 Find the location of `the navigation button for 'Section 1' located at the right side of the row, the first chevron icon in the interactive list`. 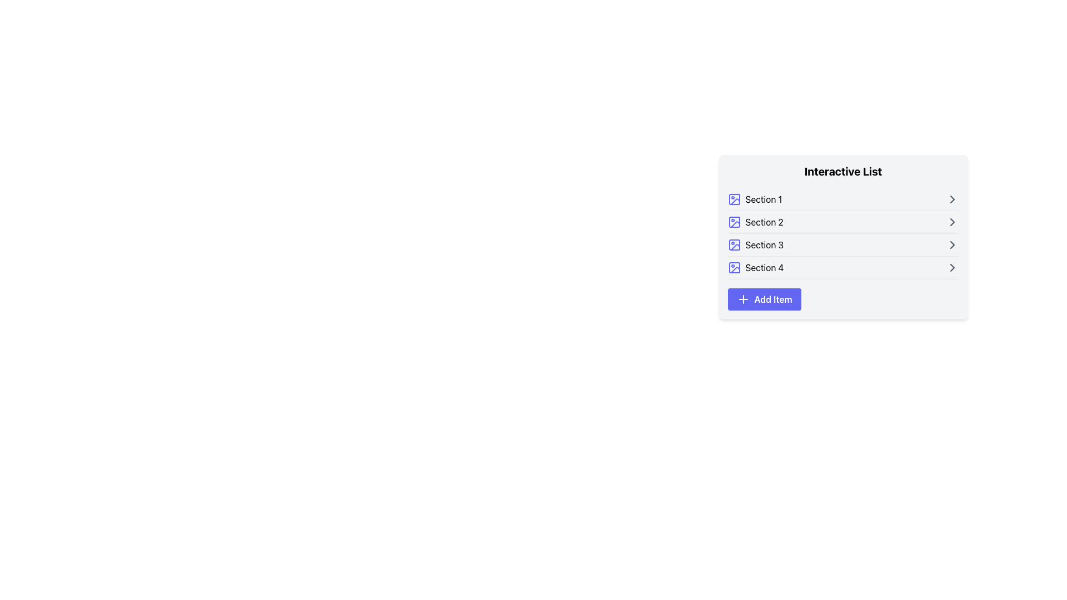

the navigation button for 'Section 1' located at the right side of the row, the first chevron icon in the interactive list is located at coordinates (951, 198).